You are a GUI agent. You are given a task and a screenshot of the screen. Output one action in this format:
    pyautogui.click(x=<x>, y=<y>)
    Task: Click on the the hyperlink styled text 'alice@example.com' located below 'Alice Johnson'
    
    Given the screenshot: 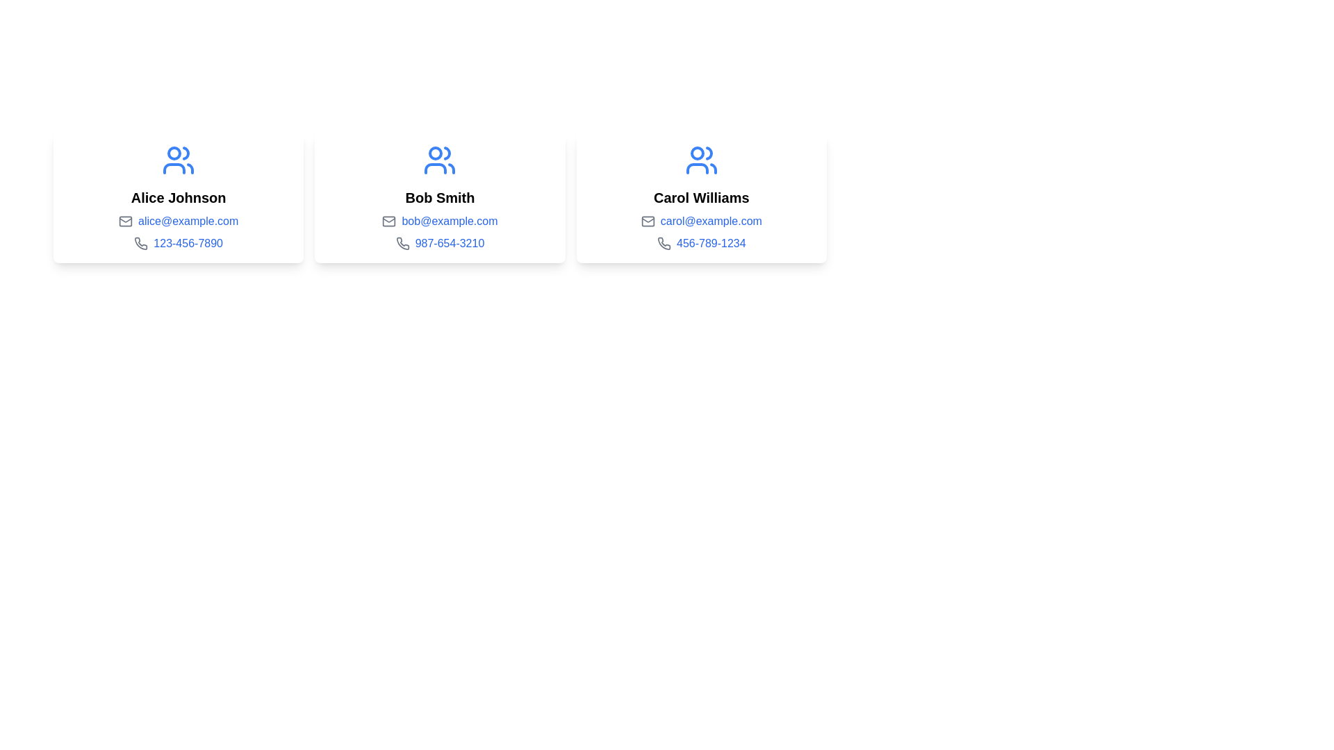 What is the action you would take?
    pyautogui.click(x=188, y=221)
    